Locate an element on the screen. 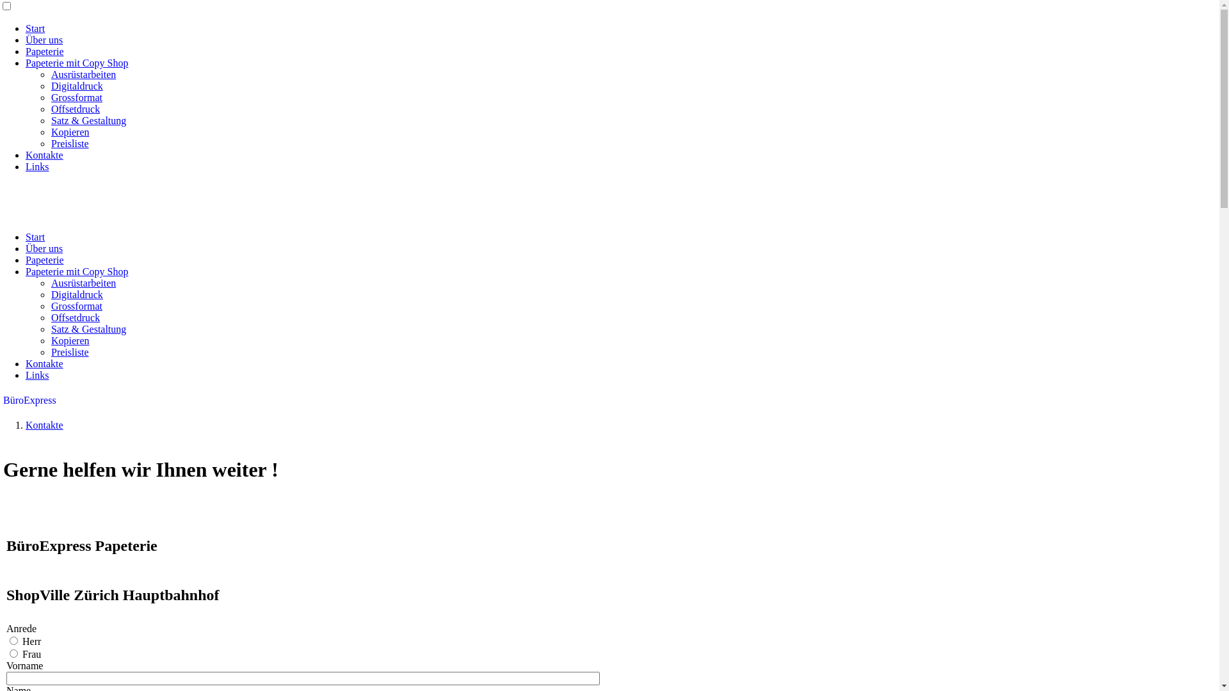  'Start' is located at coordinates (35, 237).